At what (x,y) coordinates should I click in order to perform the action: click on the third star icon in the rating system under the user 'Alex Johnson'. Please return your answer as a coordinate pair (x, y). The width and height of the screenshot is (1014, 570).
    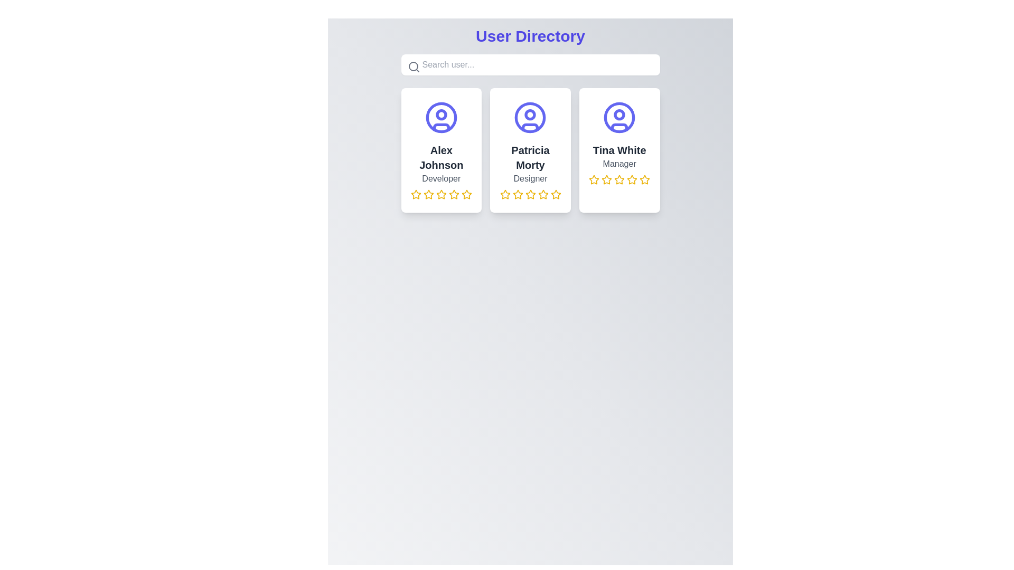
    Looking at the image, I should click on (441, 195).